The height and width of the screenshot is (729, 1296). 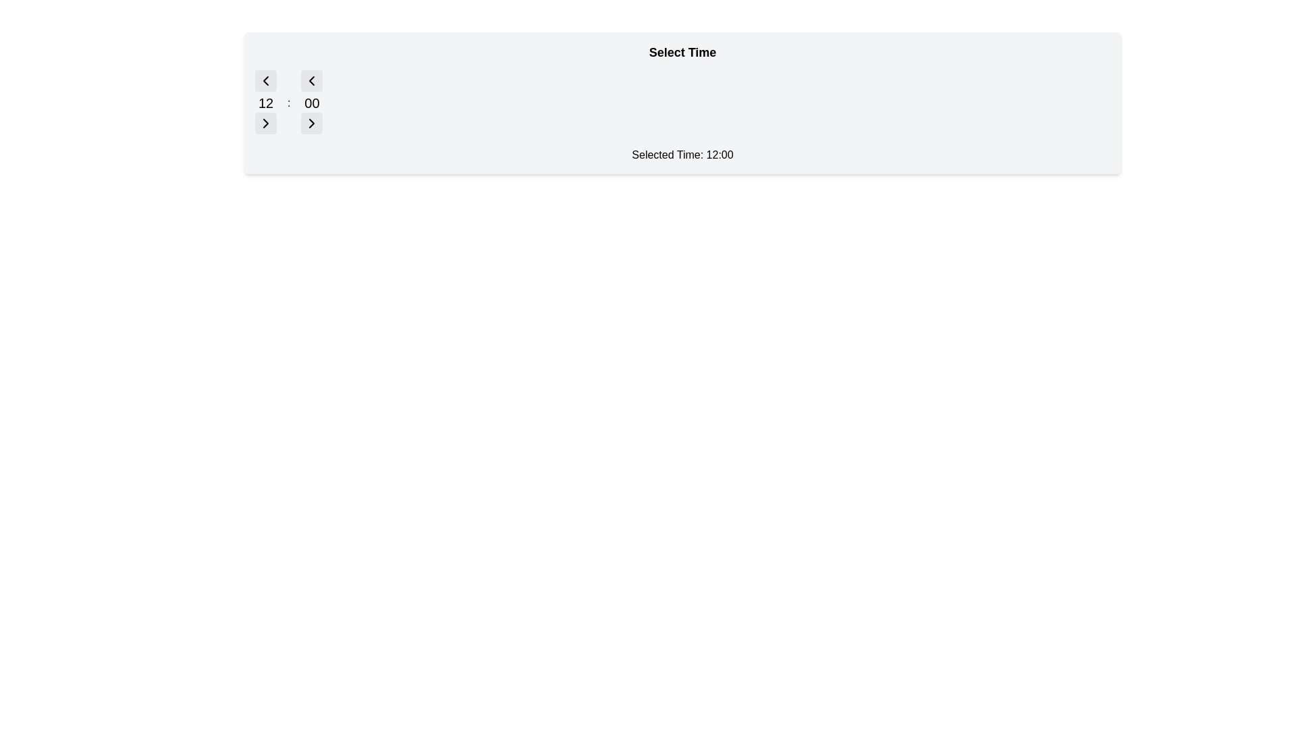 I want to click on the decrement icon in the second button from the left in the time-selection component to decrease the minute value, so click(x=311, y=80).